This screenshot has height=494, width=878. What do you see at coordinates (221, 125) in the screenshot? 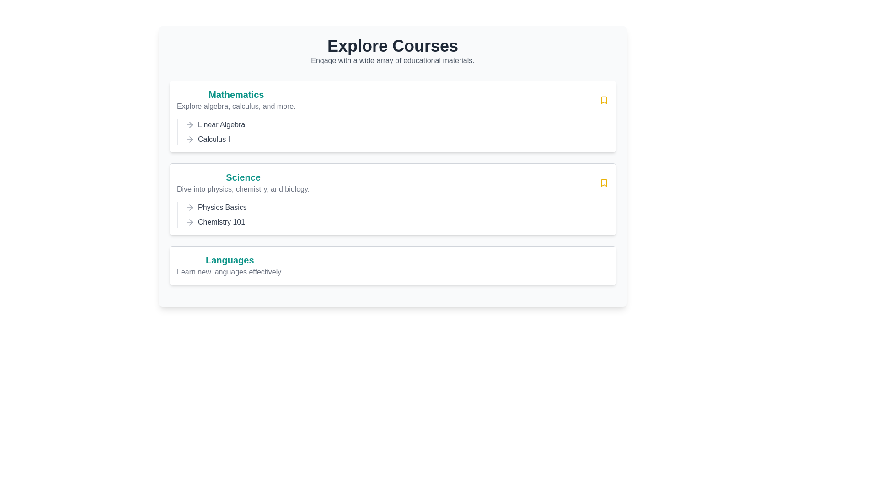
I see `the 'Linear Algebra' hyperlink located within the 'Mathematics' subsection under 'Explore Courses'` at bounding box center [221, 125].